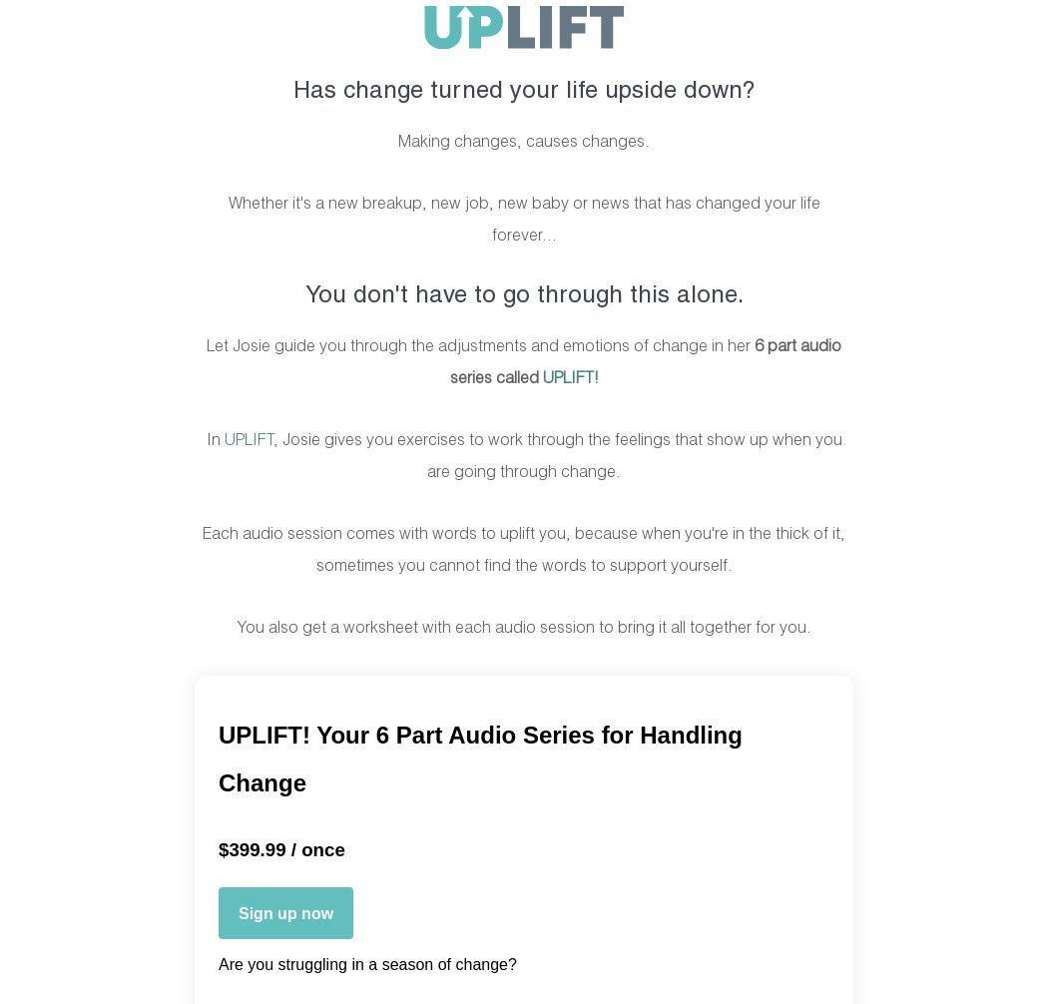 Image resolution: width=1048 pixels, height=1004 pixels. Describe the element at coordinates (644, 361) in the screenshot. I see `'6 part audio series called'` at that location.